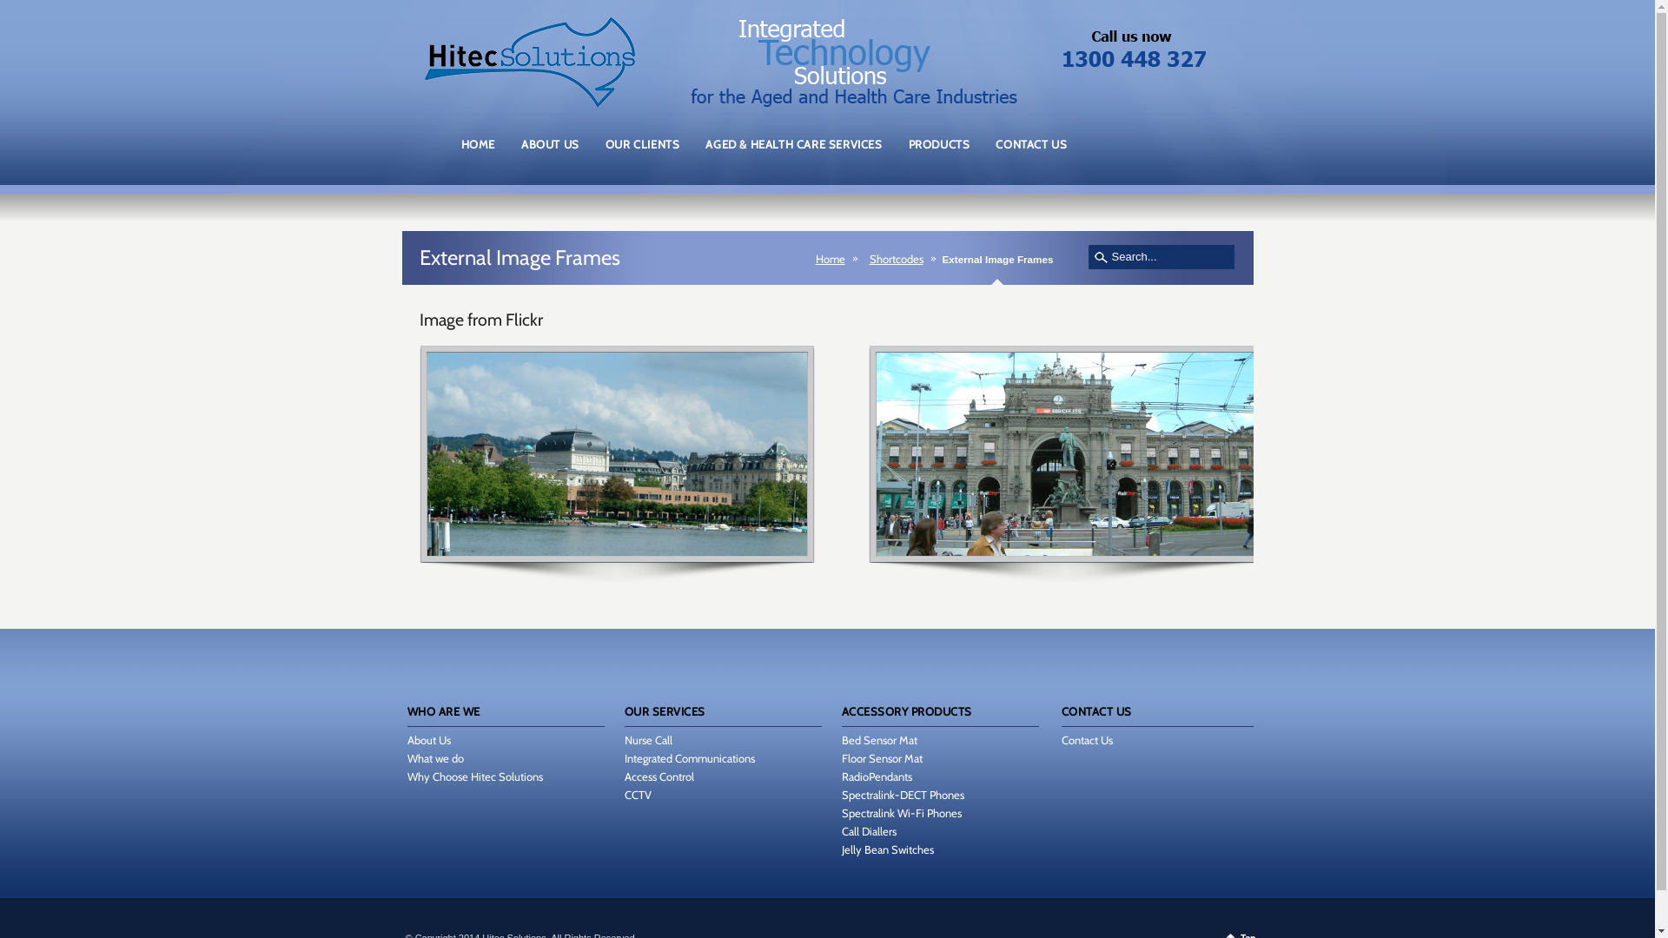 The height and width of the screenshot is (938, 1668). Describe the element at coordinates (938, 152) in the screenshot. I see `'PRODUCTS'` at that location.